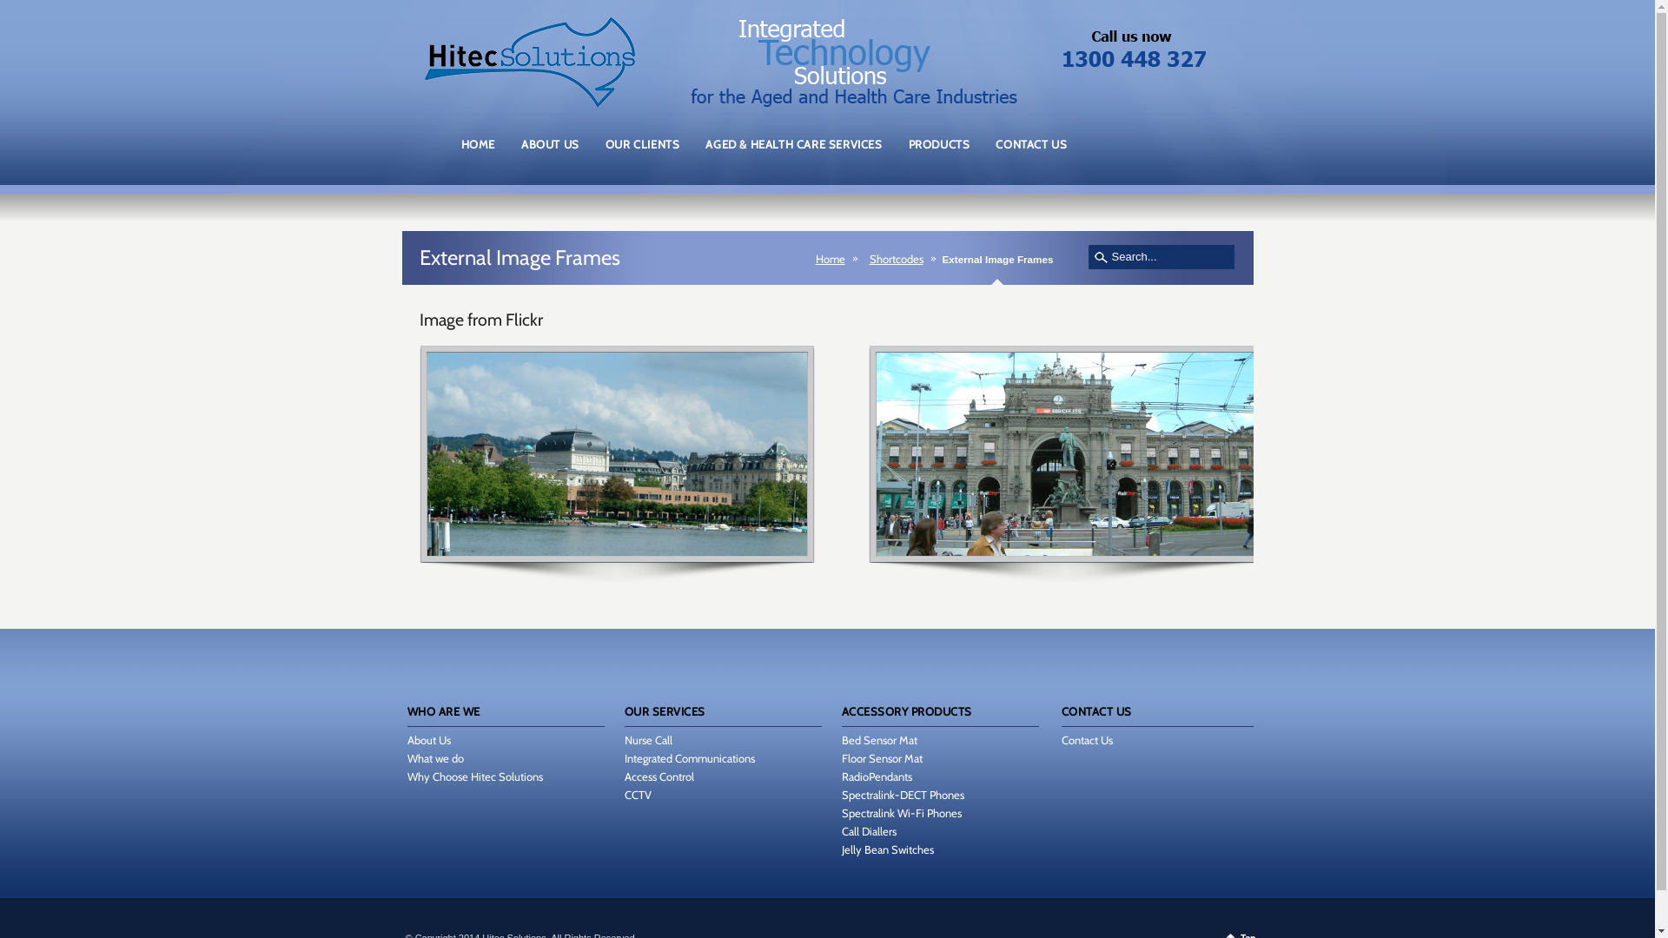 The height and width of the screenshot is (938, 1668). Describe the element at coordinates (938, 152) in the screenshot. I see `'PRODUCTS'` at that location.